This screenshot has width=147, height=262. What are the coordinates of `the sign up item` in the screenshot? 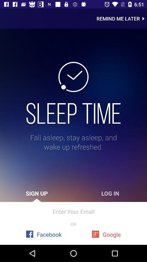 It's located at (37, 193).